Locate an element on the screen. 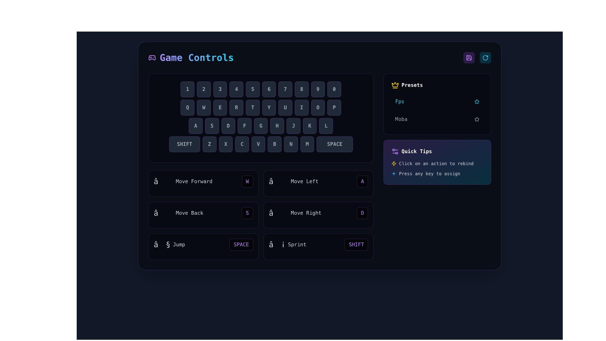 This screenshot has height=341, width=606. the keyboard key labeled 'O', which is the 9th key in the second row, to use it is located at coordinates (318, 107).